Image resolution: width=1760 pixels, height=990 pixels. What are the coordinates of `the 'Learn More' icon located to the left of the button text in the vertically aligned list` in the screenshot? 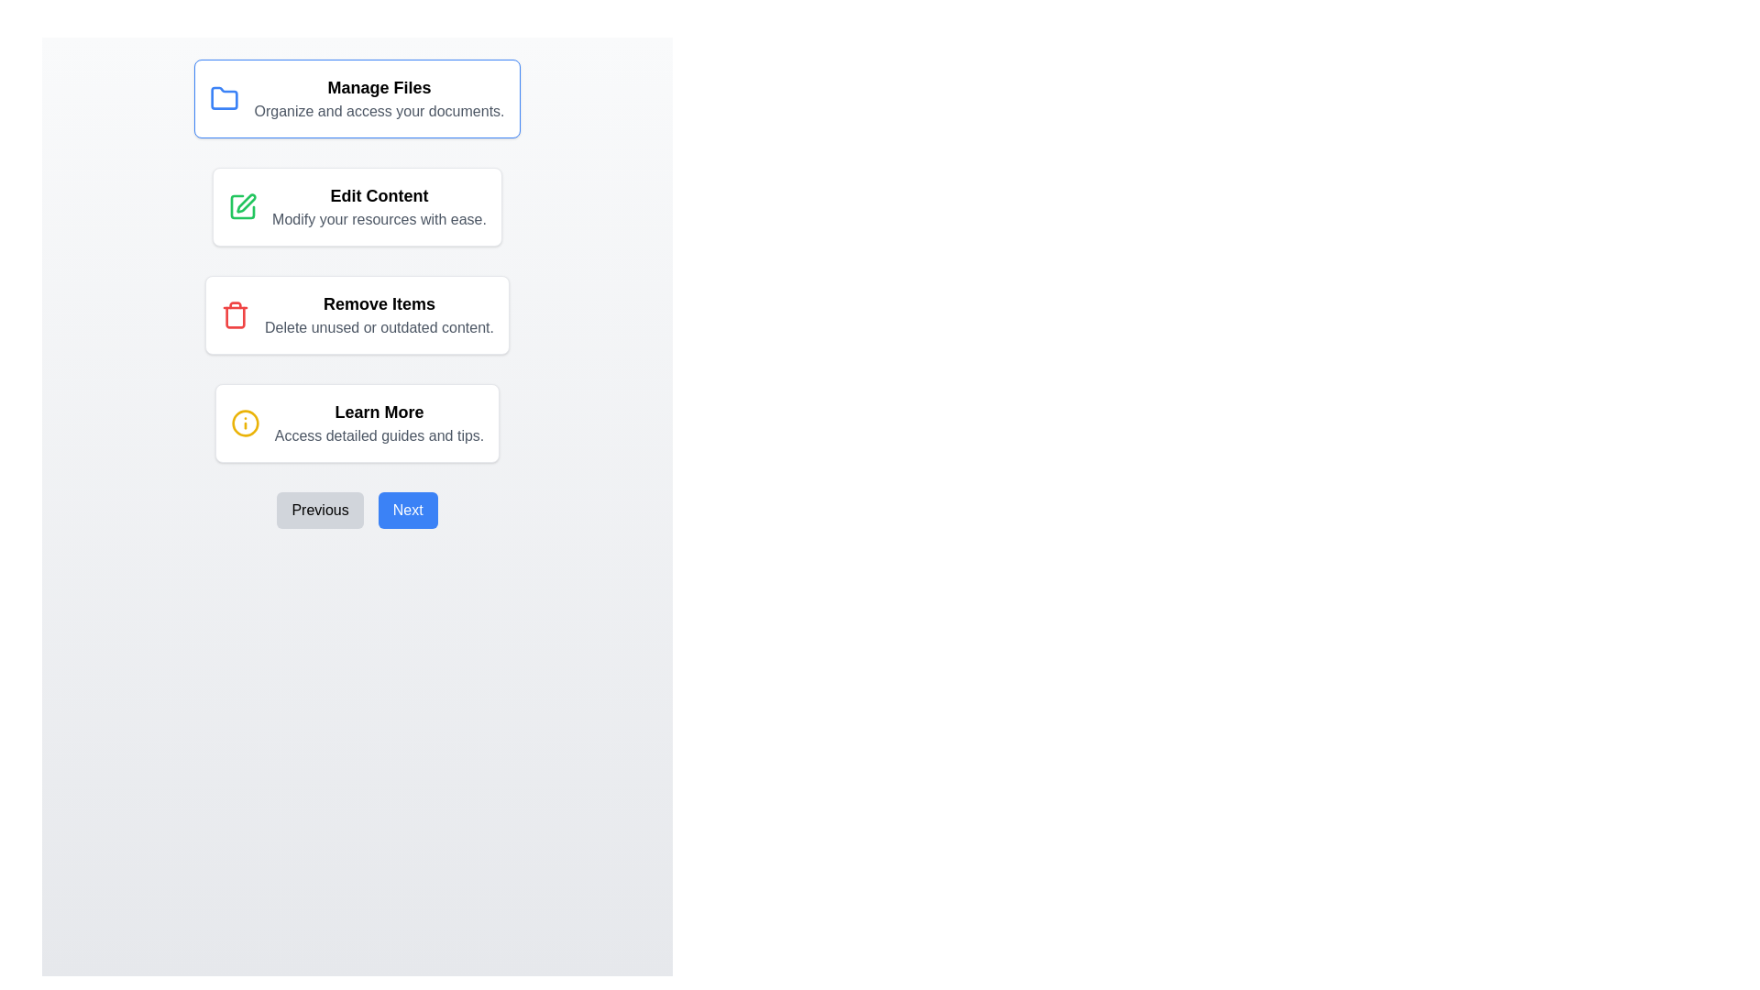 It's located at (244, 423).